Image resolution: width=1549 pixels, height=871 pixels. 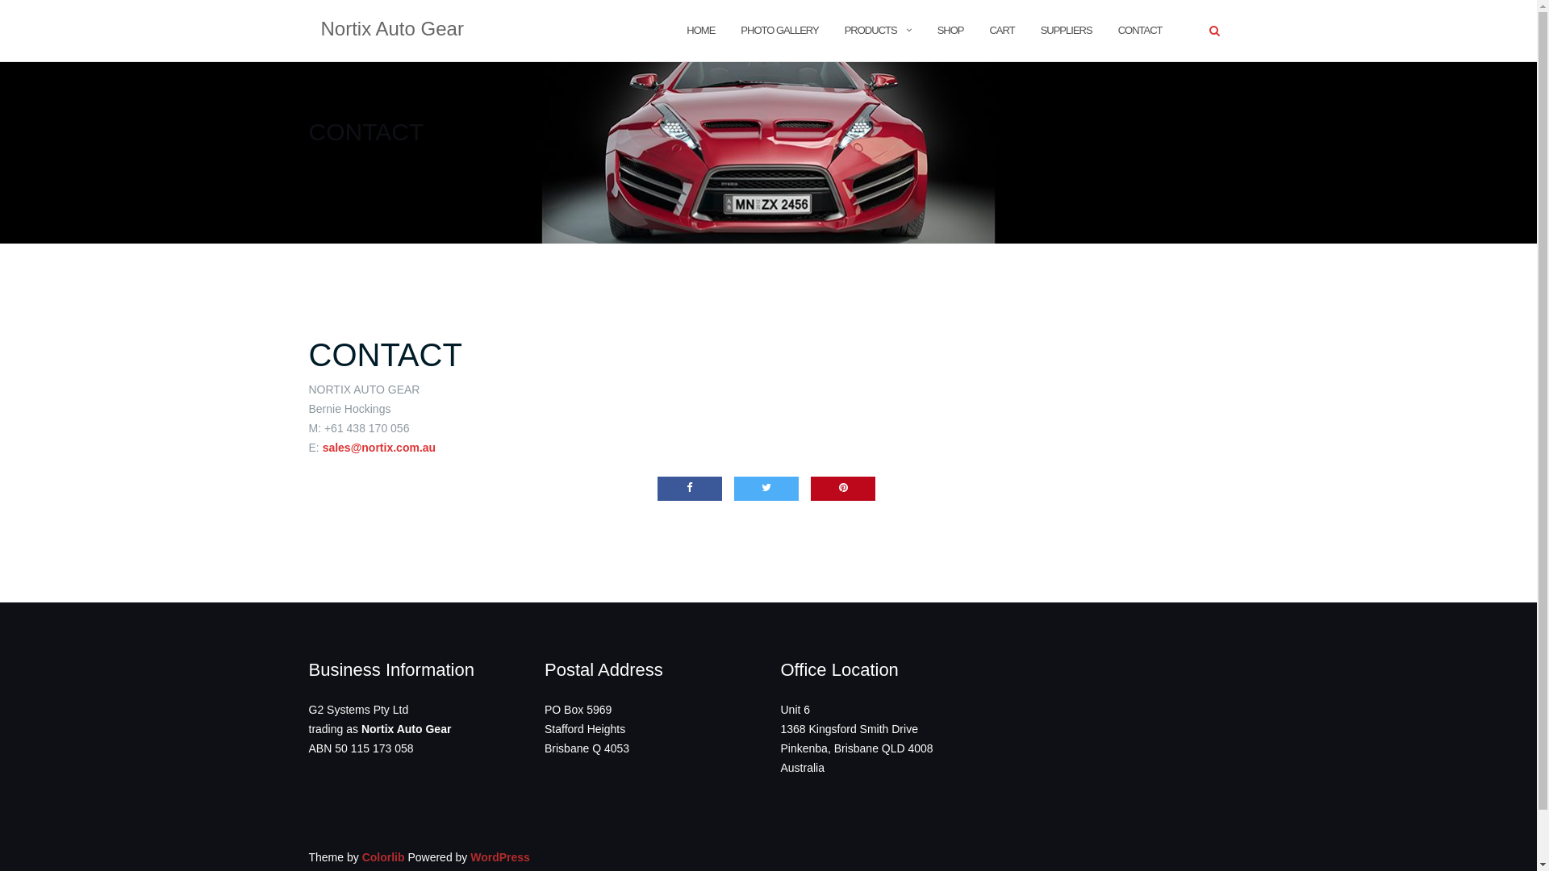 I want to click on 'CONTACT', so click(x=383, y=353).